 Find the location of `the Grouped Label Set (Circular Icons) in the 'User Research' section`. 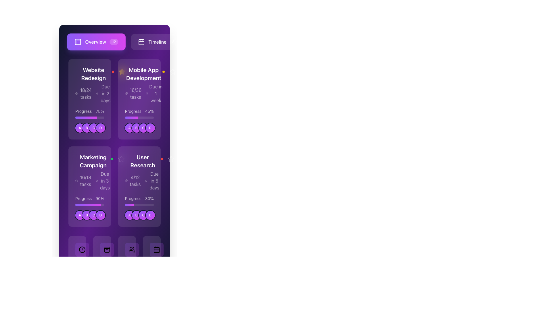

the Grouped Label Set (Circular Icons) in the 'User Research' section is located at coordinates (140, 215).